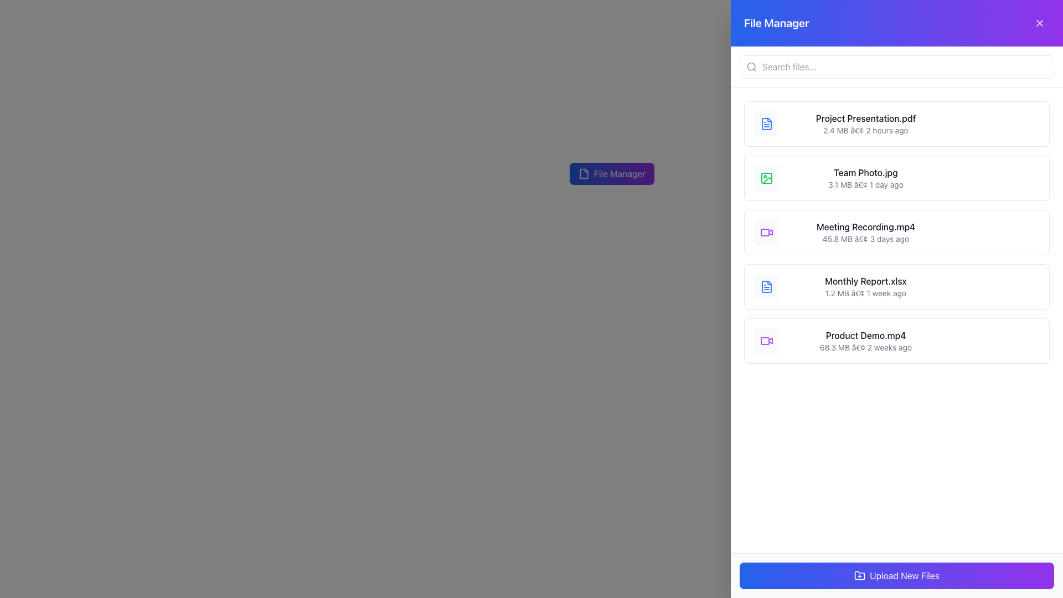 This screenshot has width=1063, height=598. What do you see at coordinates (984, 286) in the screenshot?
I see `the circular download button with a downward arrow located to the right of 'Monthly Report.xlsx' in the File Manager interface to initiate the download action` at bounding box center [984, 286].